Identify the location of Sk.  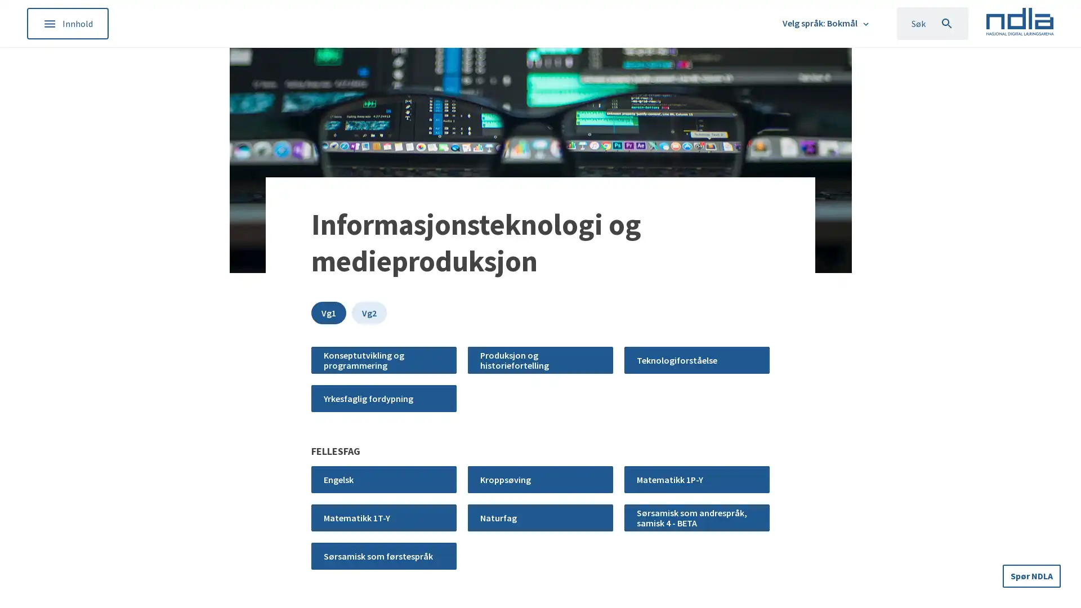
(932, 24).